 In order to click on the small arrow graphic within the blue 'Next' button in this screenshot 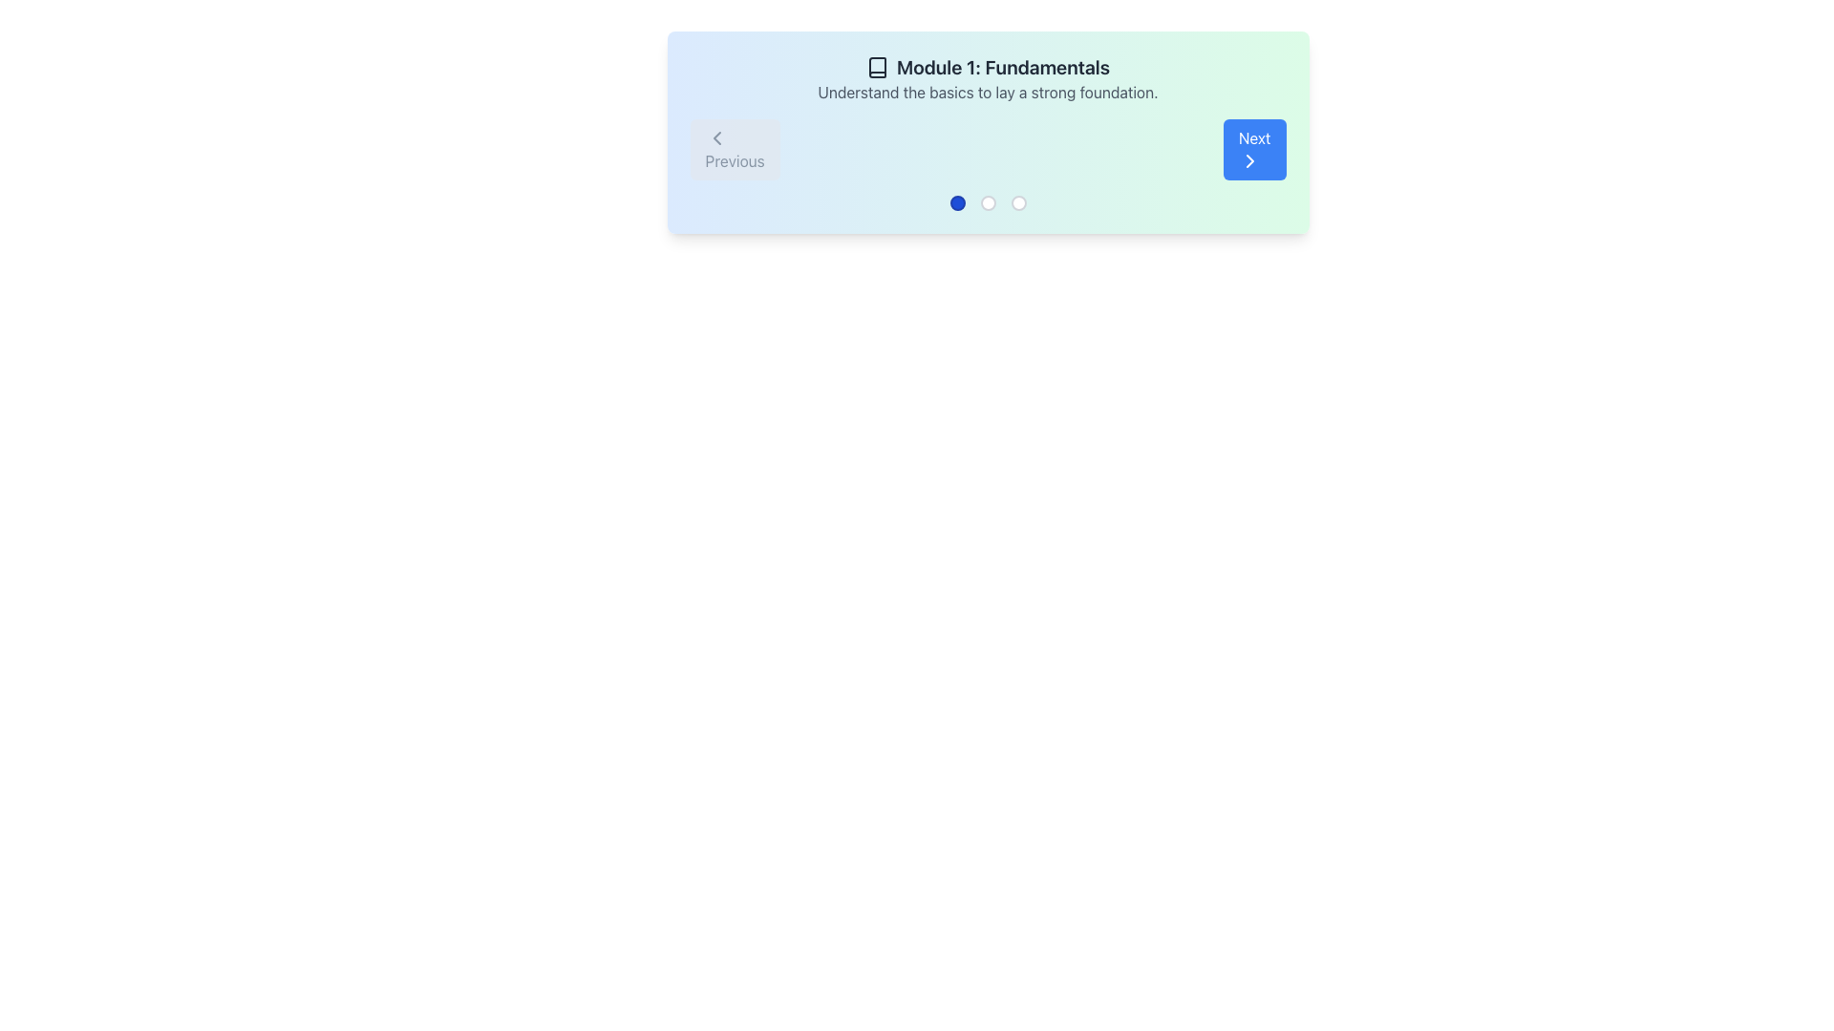, I will do `click(1249, 160)`.